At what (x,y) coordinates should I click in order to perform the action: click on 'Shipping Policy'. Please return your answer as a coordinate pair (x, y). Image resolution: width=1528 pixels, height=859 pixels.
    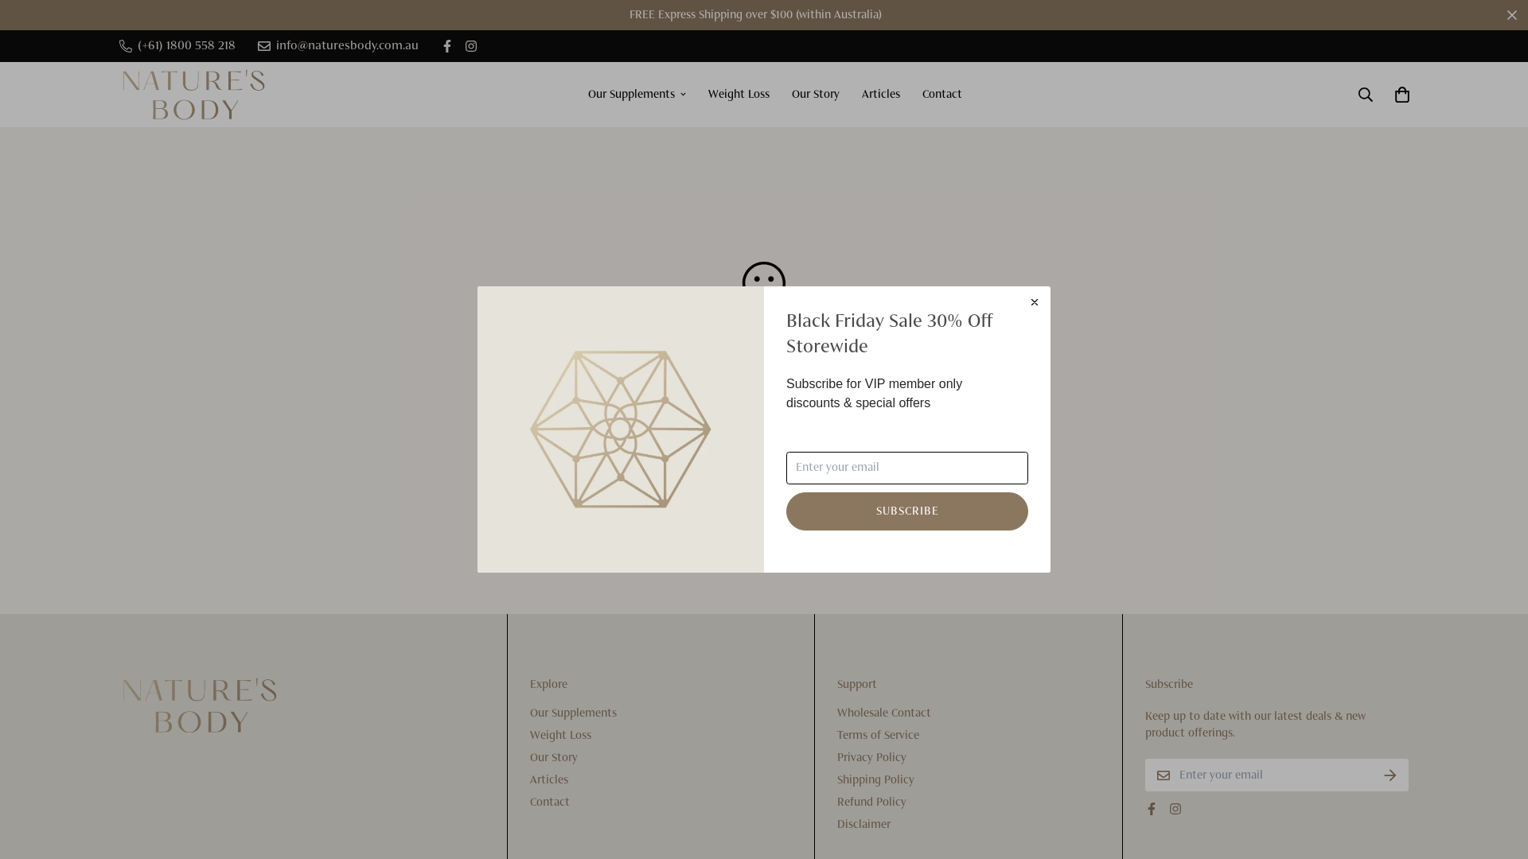
    Looking at the image, I should click on (875, 779).